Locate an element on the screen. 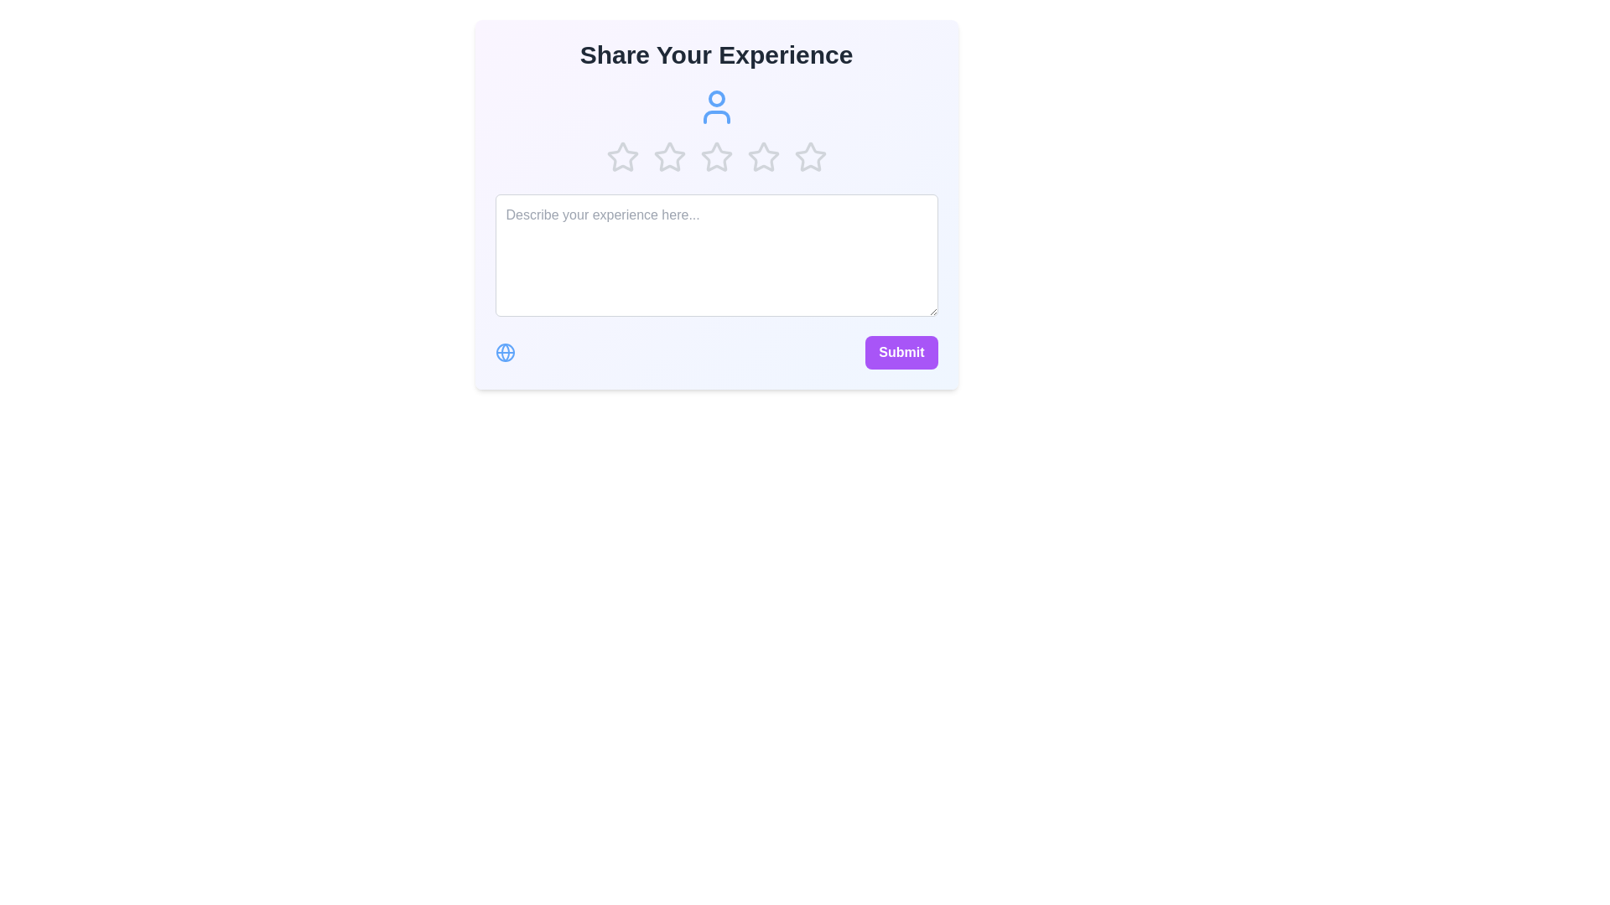 The image size is (1610, 905). the first star icon in the rating section is located at coordinates (621, 158).